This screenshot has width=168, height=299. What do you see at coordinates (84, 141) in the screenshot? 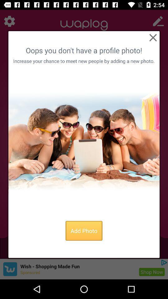
I see `item at the center` at bounding box center [84, 141].